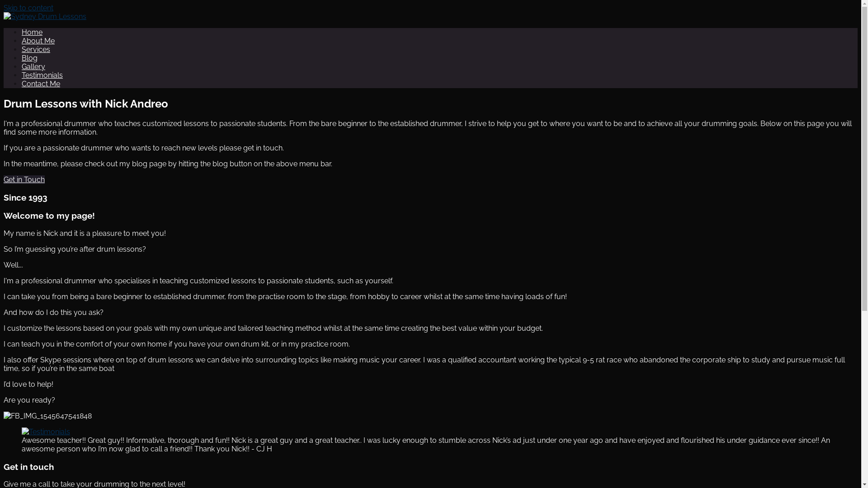 This screenshot has width=868, height=488. I want to click on 'Contact Me', so click(40, 84).